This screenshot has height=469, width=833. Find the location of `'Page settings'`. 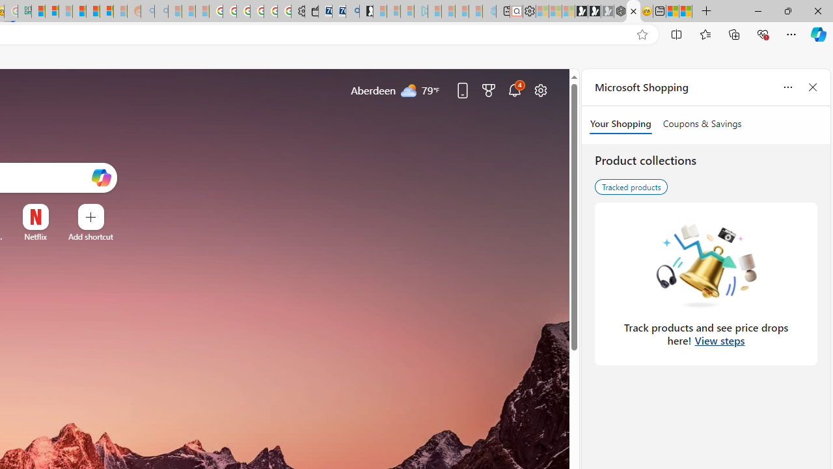

'Page settings' is located at coordinates (541, 89).